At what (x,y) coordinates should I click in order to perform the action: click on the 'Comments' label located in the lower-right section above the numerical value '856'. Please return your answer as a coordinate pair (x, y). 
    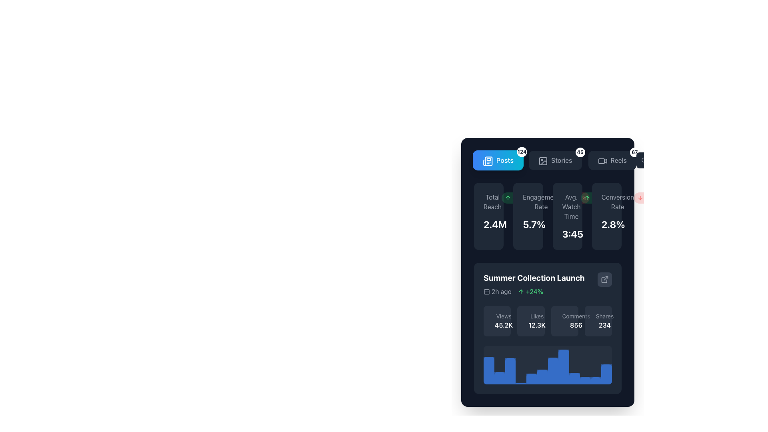
    Looking at the image, I should click on (576, 316).